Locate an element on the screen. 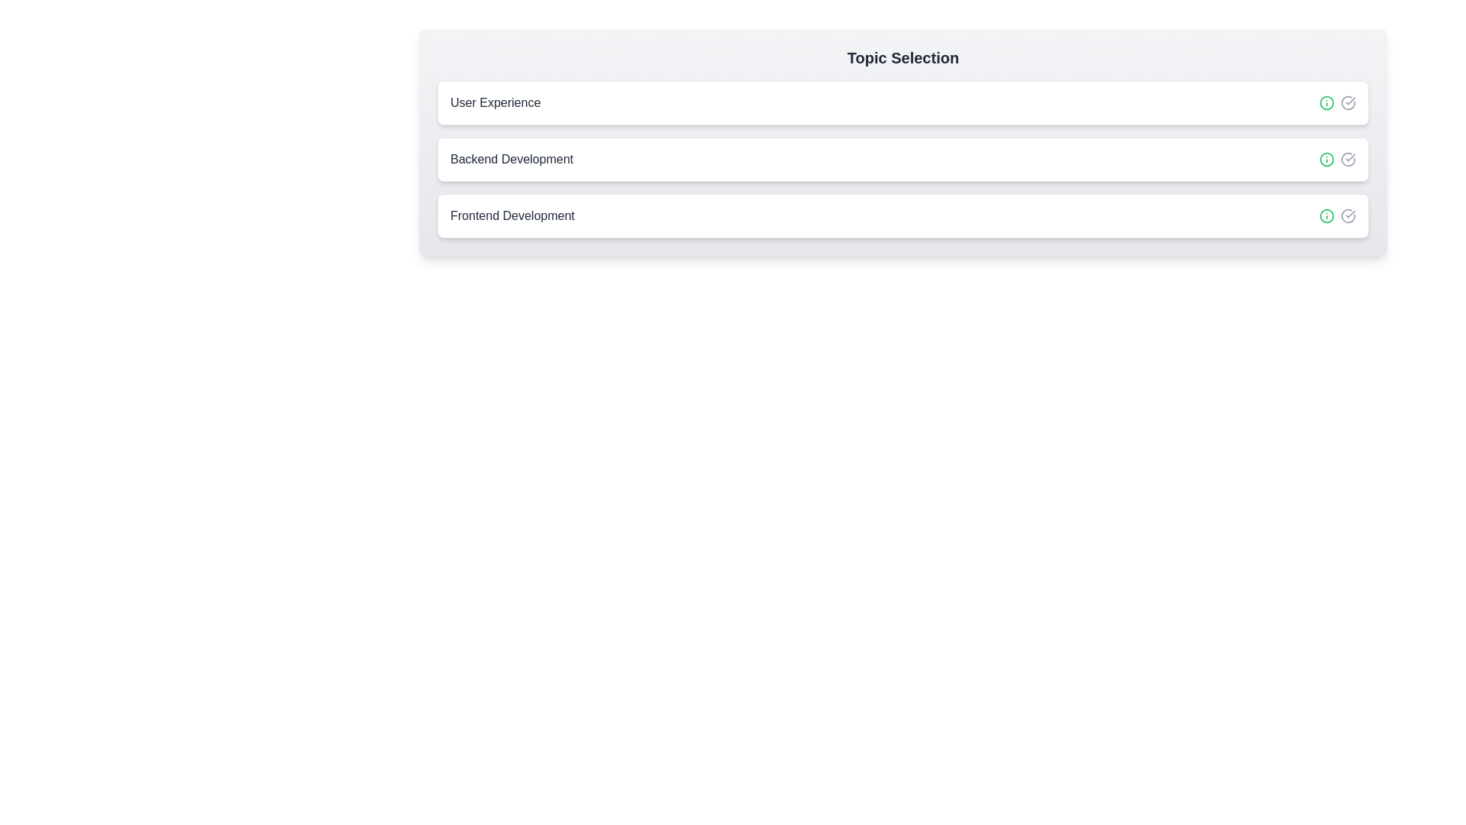 This screenshot has height=825, width=1466. the chip labeled 'Frontend Development' to observe the hover effect is located at coordinates (903, 215).